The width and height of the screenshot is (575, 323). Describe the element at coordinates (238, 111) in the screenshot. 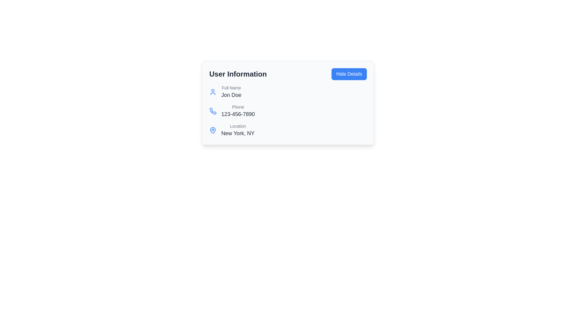

I see `phone number displayed in the 'Phone' text label located within the 'User Information' card, positioned below the 'Full Name' section and above the 'Location' section, to the right of a phone icon` at that location.